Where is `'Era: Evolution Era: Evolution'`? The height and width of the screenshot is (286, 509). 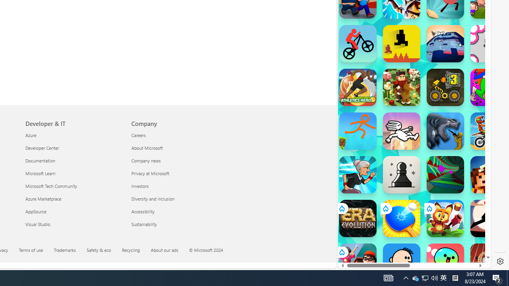
'Era: Evolution Era: Evolution' is located at coordinates (357, 218).